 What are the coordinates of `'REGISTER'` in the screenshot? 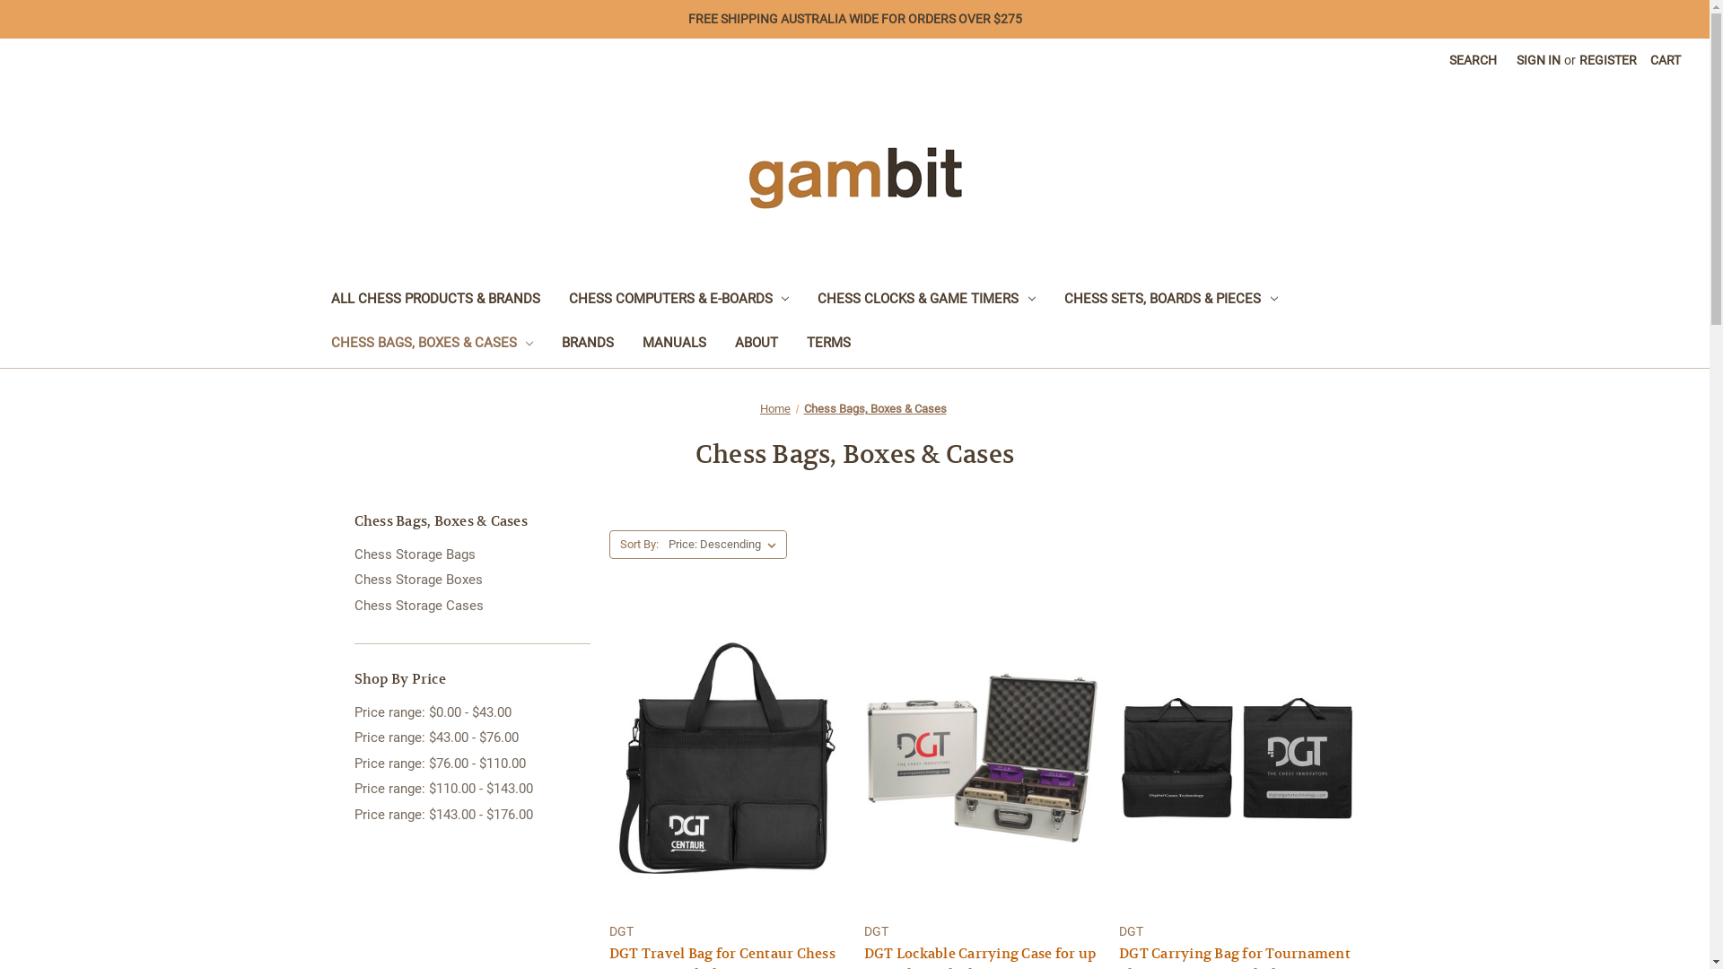 It's located at (1607, 59).